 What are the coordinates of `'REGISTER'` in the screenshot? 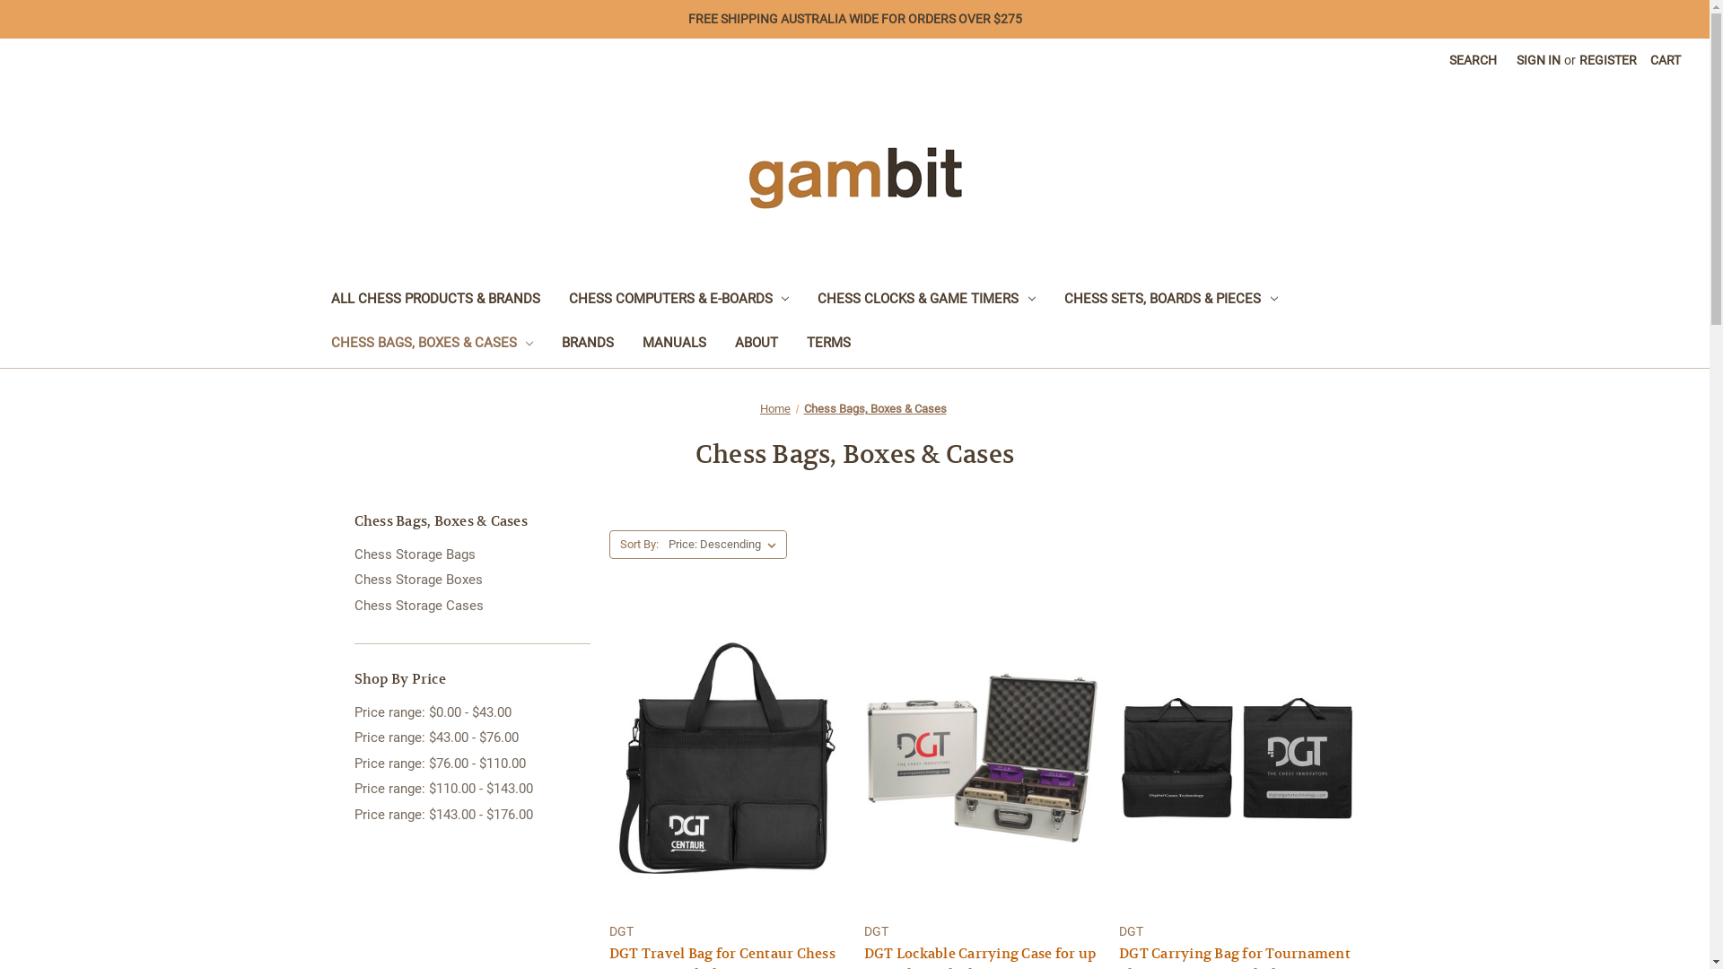 It's located at (1607, 59).